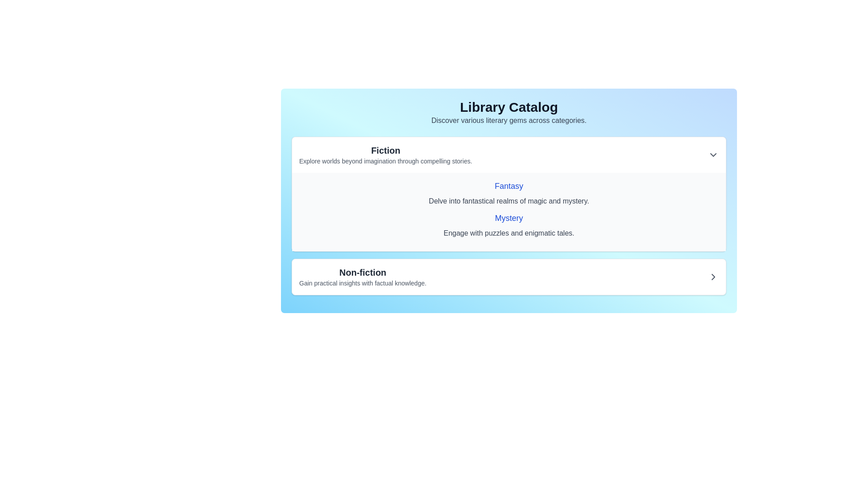  Describe the element at coordinates (509, 201) in the screenshot. I see `the static text element containing 'Delve into fantastical realms of magic and mystery.' located beneath the 'Fantasy' header in the Library Catalog` at that location.